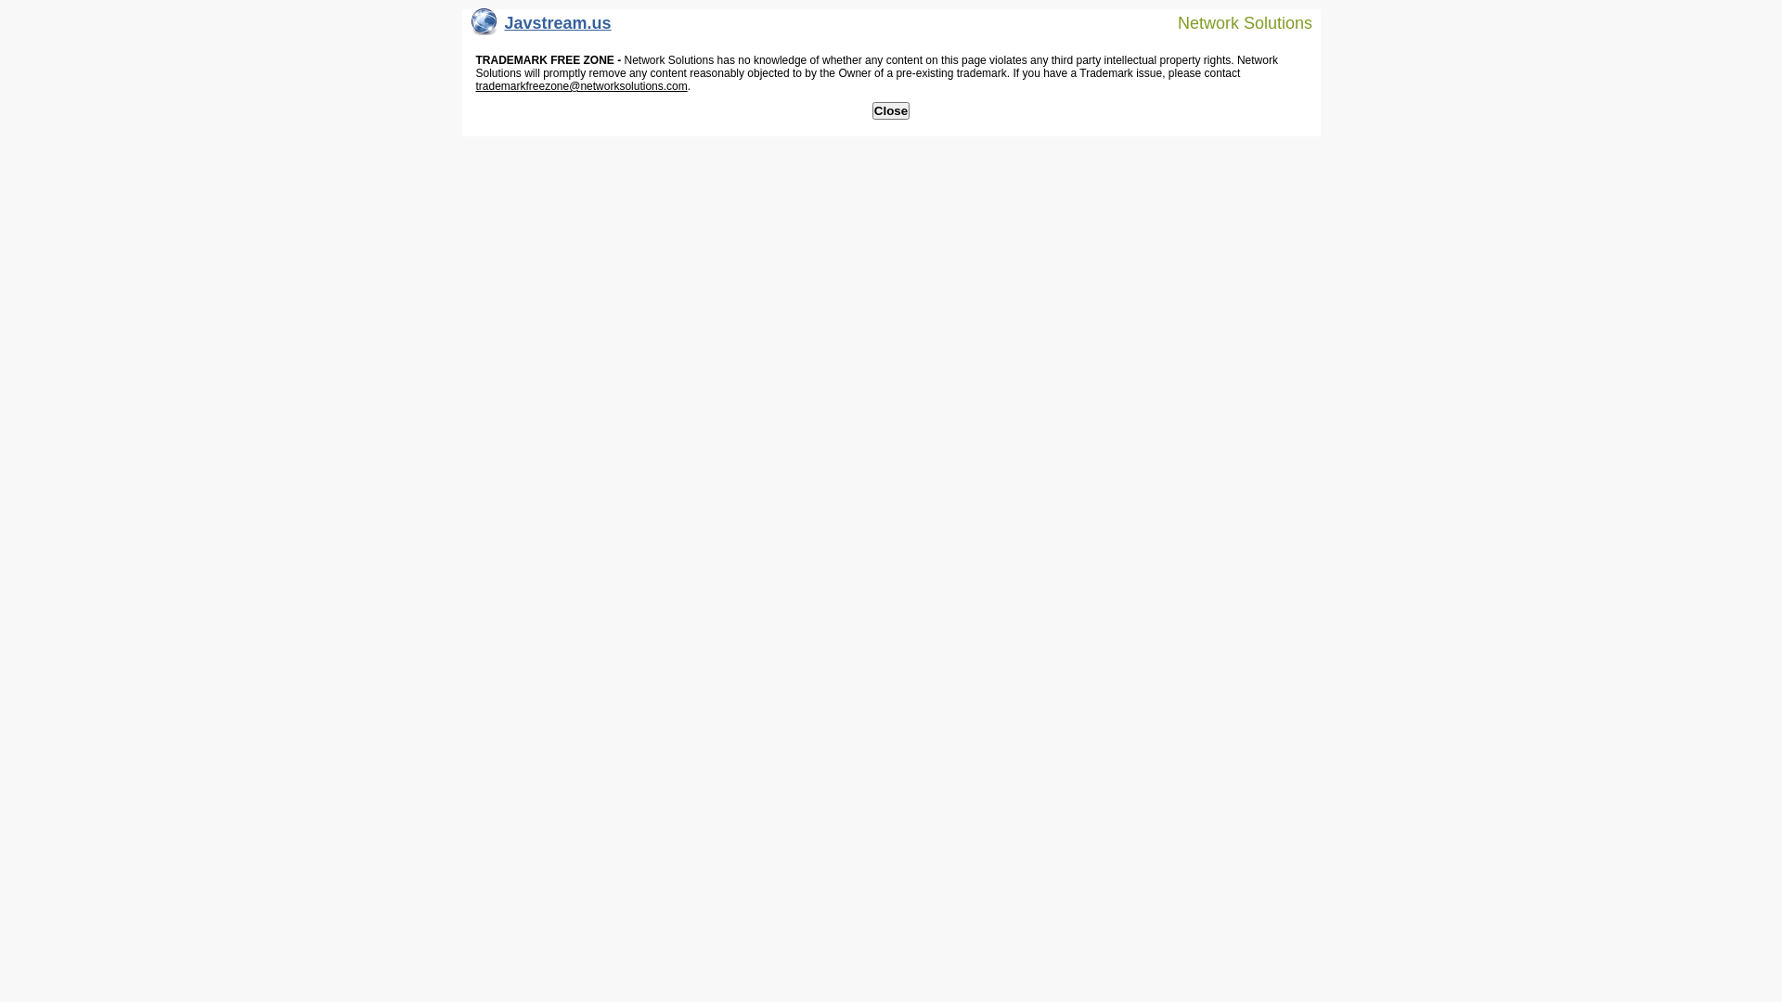 The image size is (1782, 1002). I want to click on 'trademarkfreezone@networksolutions.com', so click(579, 85).